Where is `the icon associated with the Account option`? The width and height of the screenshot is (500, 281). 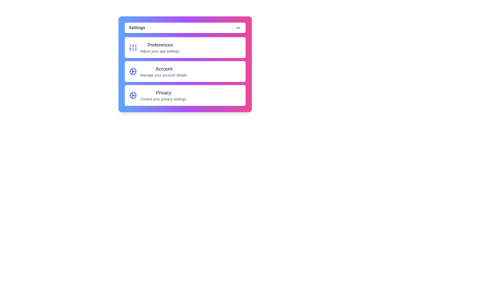
the icon associated with the Account option is located at coordinates (133, 71).